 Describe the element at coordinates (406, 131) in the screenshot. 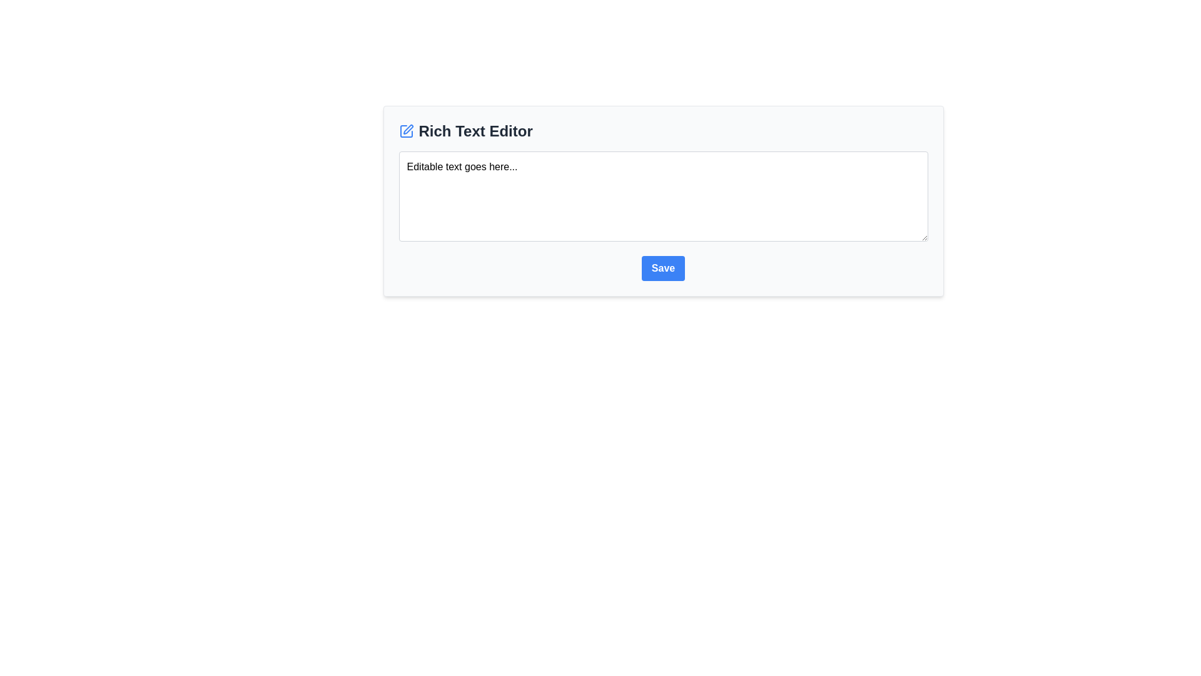

I see `the editing icon located to the left of the 'Rich Text Editor' text` at that location.